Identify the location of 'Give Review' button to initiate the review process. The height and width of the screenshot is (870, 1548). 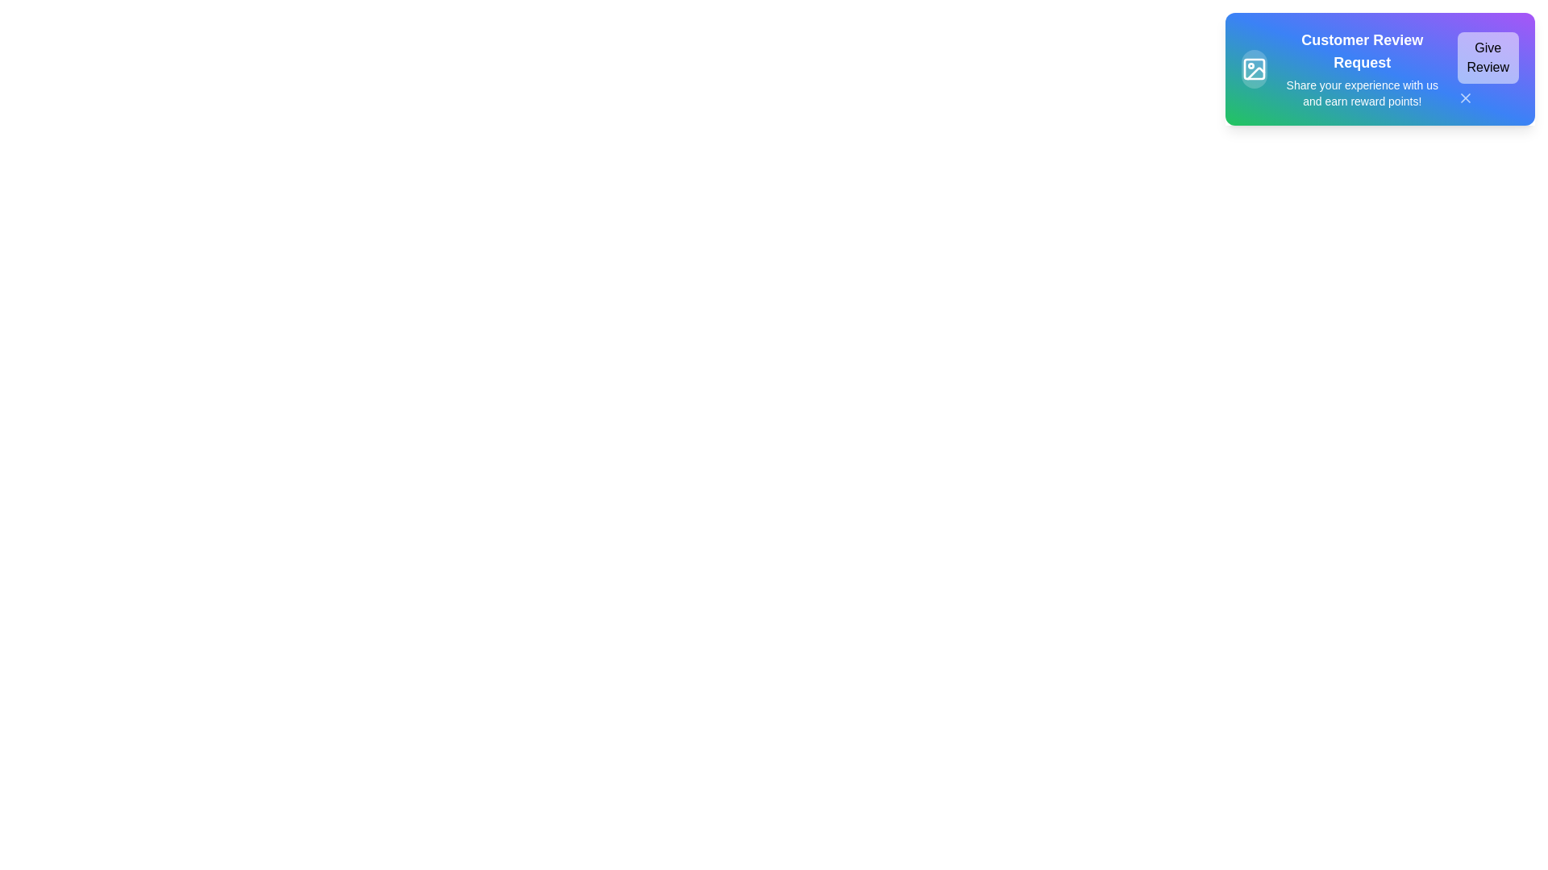
(1487, 57).